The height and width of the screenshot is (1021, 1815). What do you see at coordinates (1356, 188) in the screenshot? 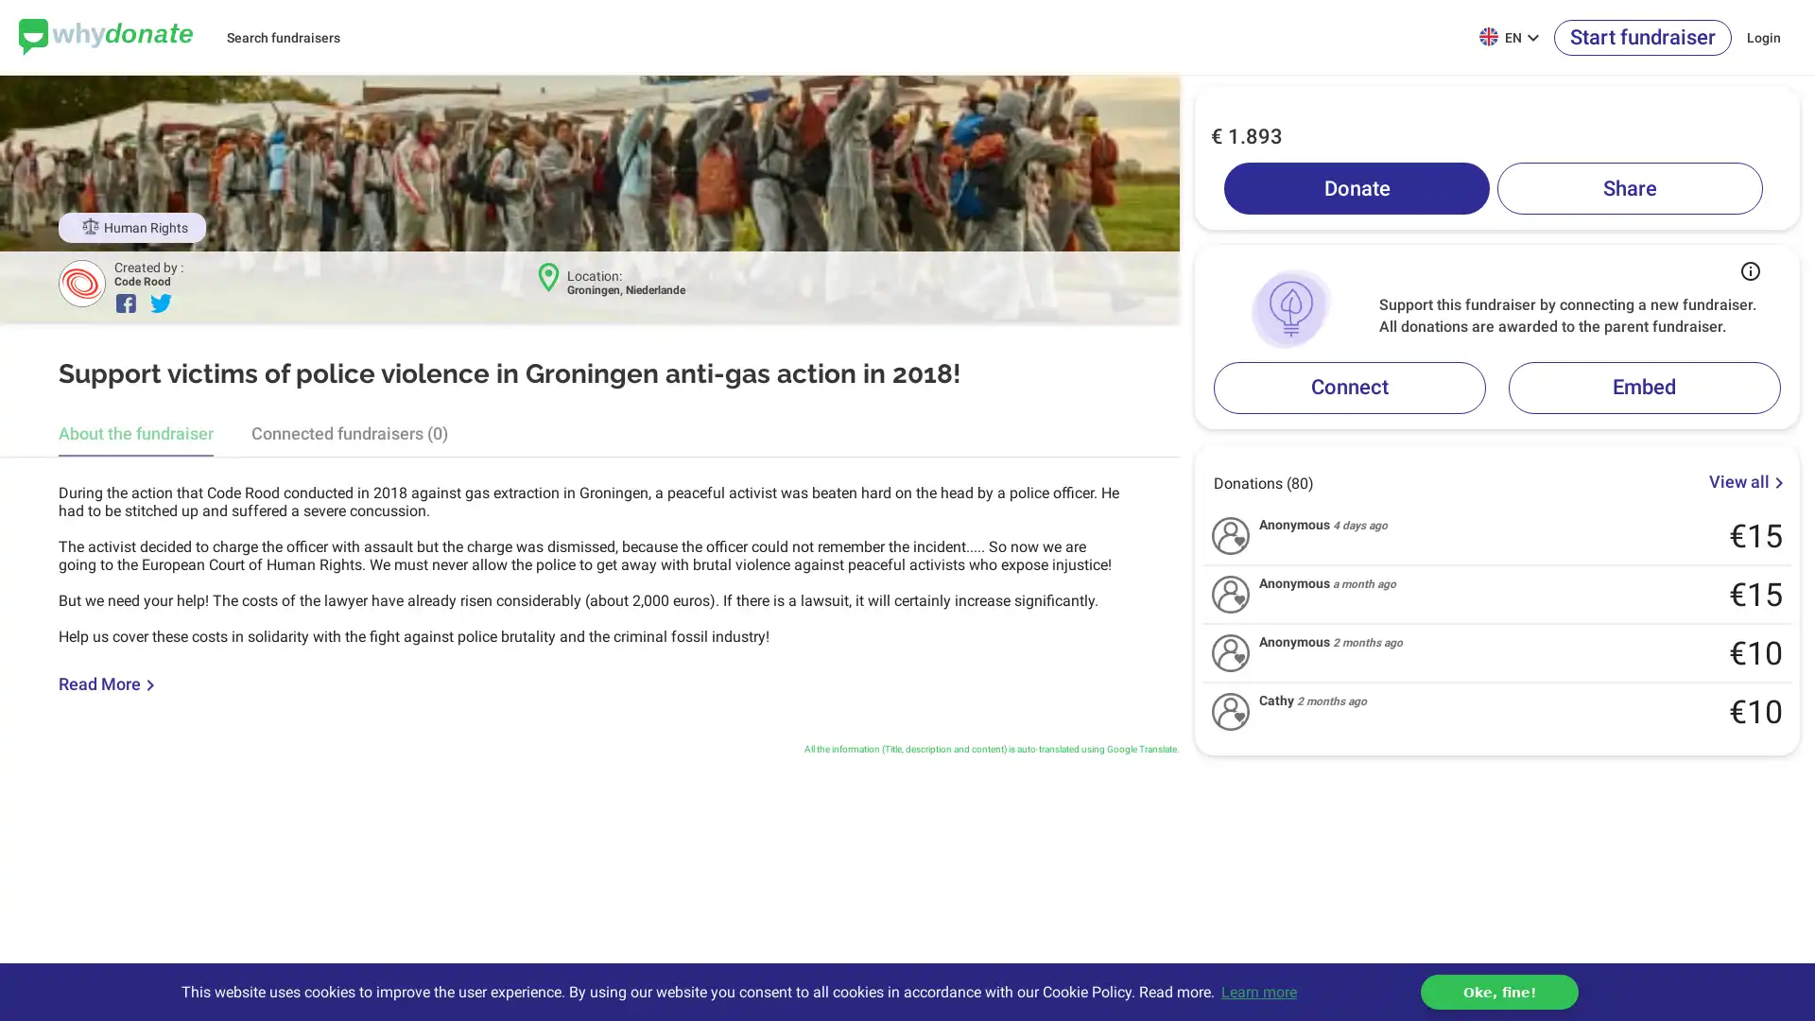
I see `Donate` at bounding box center [1356, 188].